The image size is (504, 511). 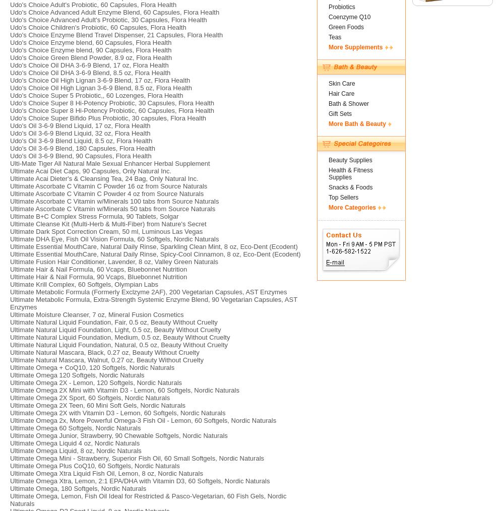 What do you see at coordinates (329, 6) in the screenshot?
I see `'Probiotics'` at bounding box center [329, 6].